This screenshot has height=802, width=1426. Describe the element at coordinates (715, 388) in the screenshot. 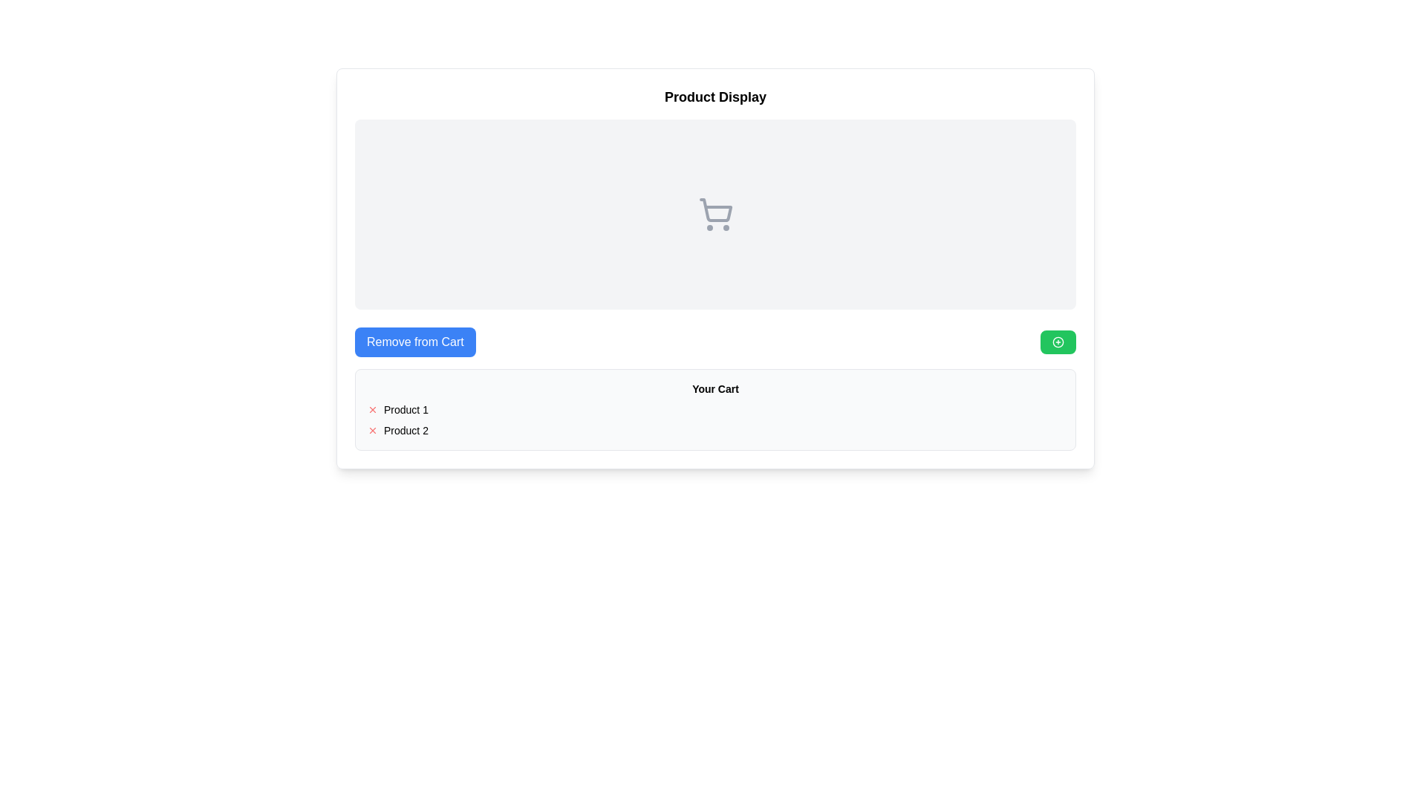

I see `the heading text that denotes the cart section, located centrally under the 'Remove from Cart' button at the top of the 'Your Cart' section` at that location.